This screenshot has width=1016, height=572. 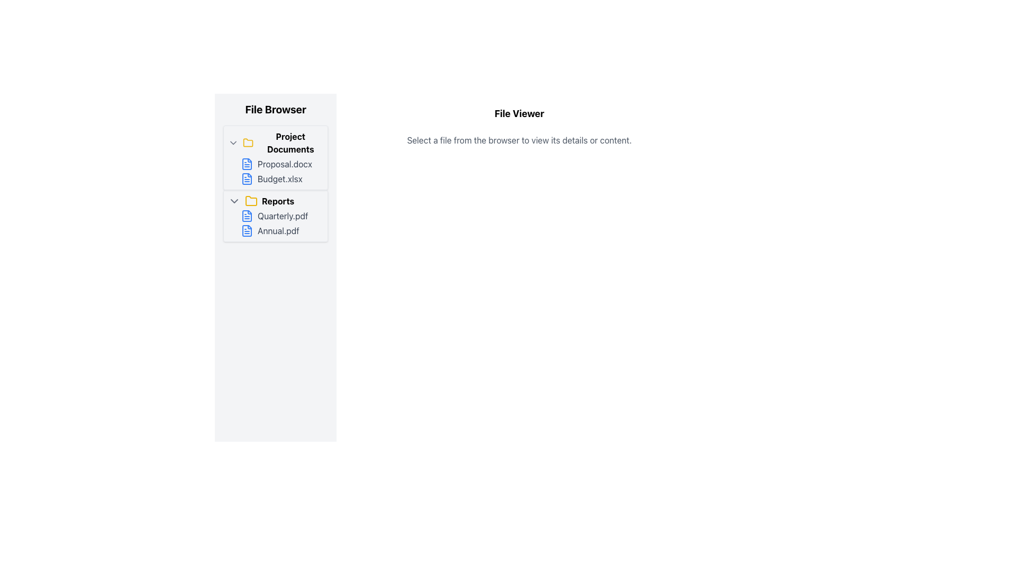 What do you see at coordinates (246, 178) in the screenshot?
I see `the file icon representing 'Budget.xlsx', which has a blue outline and white fill` at bounding box center [246, 178].